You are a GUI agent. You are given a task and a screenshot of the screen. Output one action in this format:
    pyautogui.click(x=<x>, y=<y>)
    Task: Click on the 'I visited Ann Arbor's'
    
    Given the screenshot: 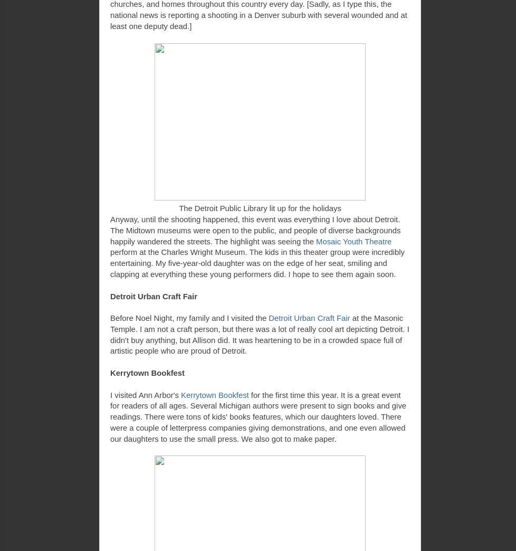 What is the action you would take?
    pyautogui.click(x=145, y=395)
    